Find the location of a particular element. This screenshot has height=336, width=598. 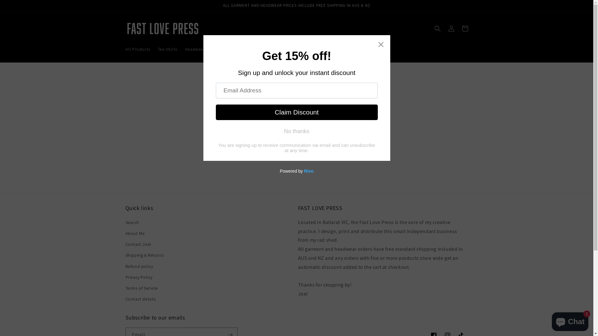

'Cart' is located at coordinates (465, 29).